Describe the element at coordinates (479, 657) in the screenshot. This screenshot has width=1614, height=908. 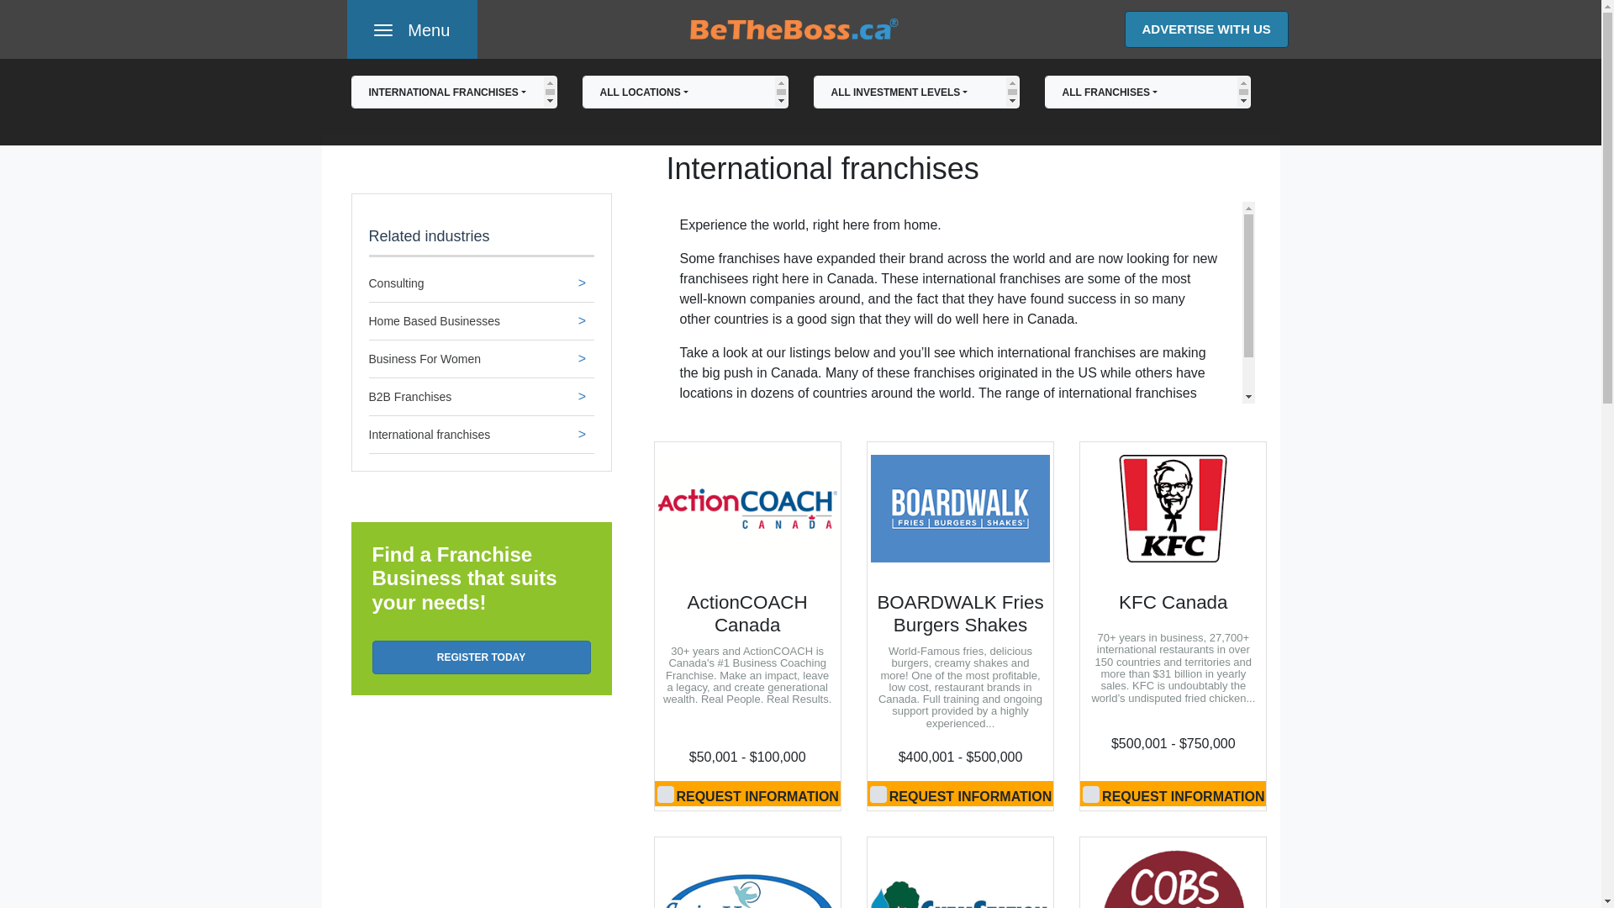
I see `'REGISTER TODAY'` at that location.